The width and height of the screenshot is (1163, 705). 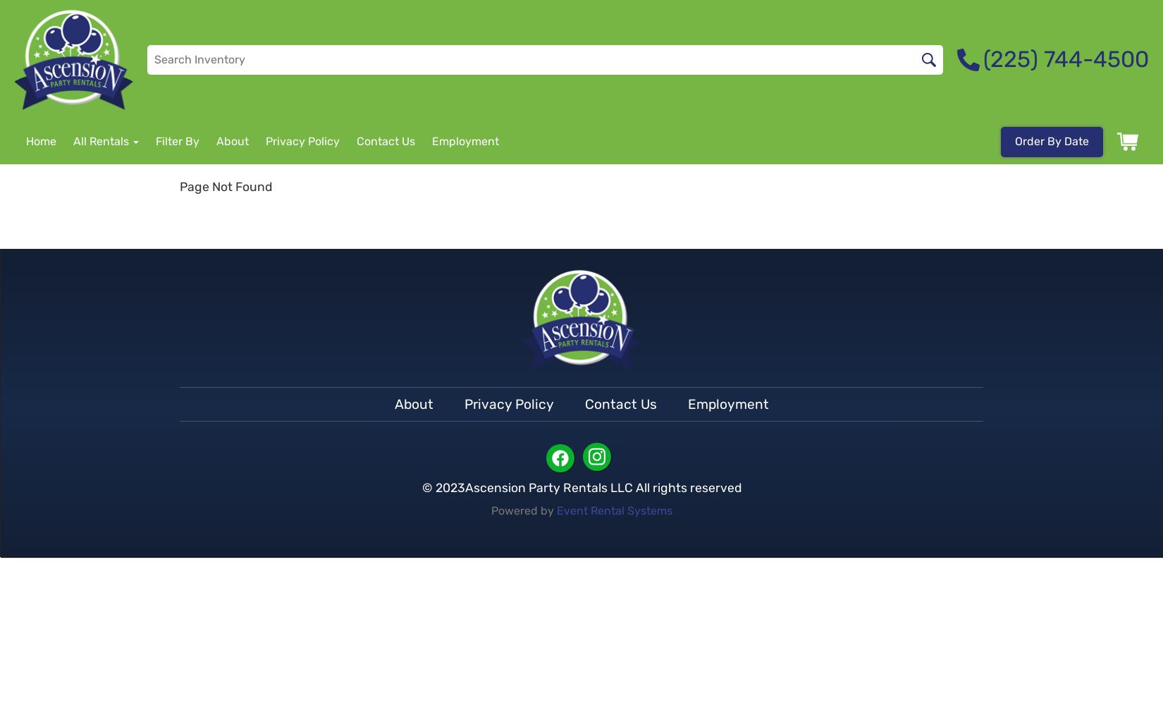 I want to click on 'All Rentals', so click(x=73, y=140).